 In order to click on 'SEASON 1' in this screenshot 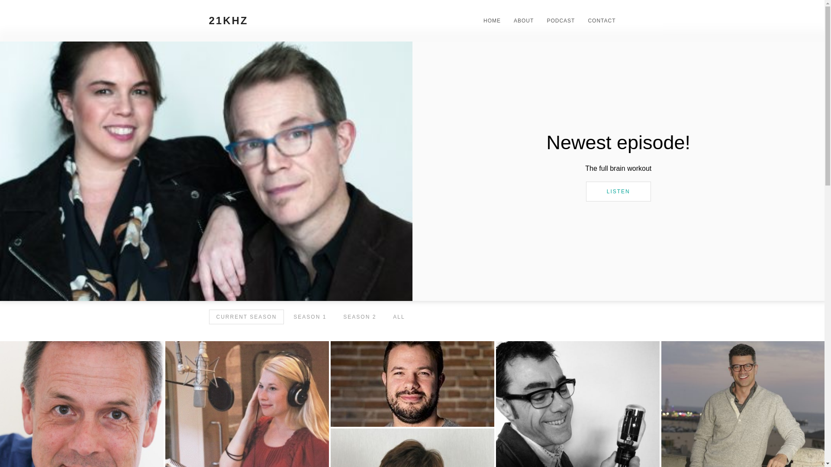, I will do `click(309, 317)`.